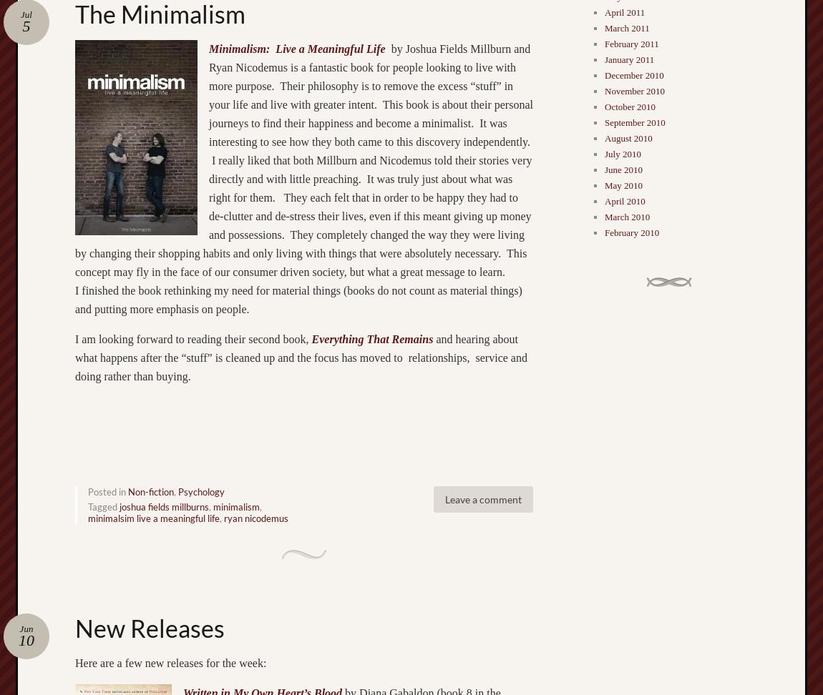  Describe the element at coordinates (633, 74) in the screenshot. I see `'December 2010'` at that location.